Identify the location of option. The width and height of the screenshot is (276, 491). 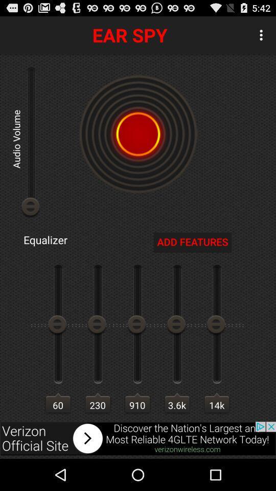
(138, 438).